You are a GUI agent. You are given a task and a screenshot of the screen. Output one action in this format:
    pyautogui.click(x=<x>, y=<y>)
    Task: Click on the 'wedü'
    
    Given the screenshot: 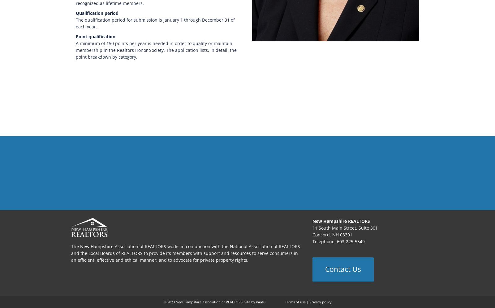 What is the action you would take?
    pyautogui.click(x=260, y=302)
    